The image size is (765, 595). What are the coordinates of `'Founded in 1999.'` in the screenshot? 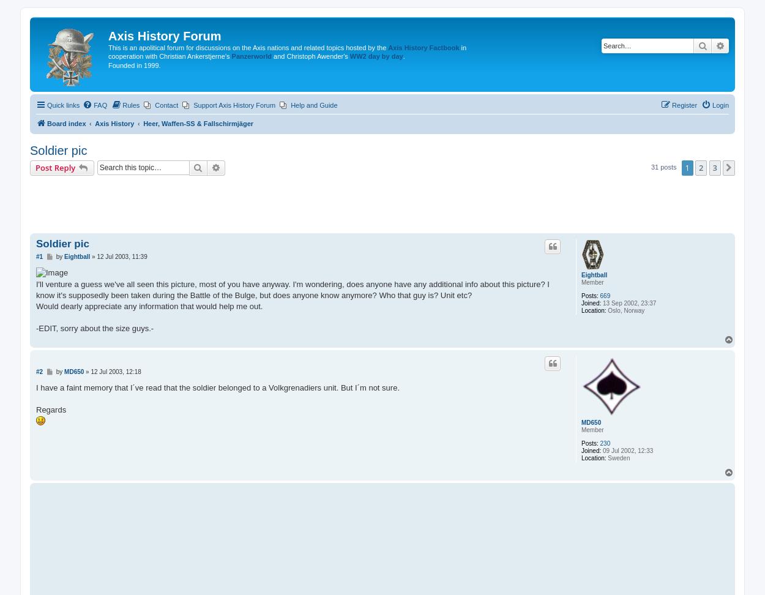 It's located at (133, 64).